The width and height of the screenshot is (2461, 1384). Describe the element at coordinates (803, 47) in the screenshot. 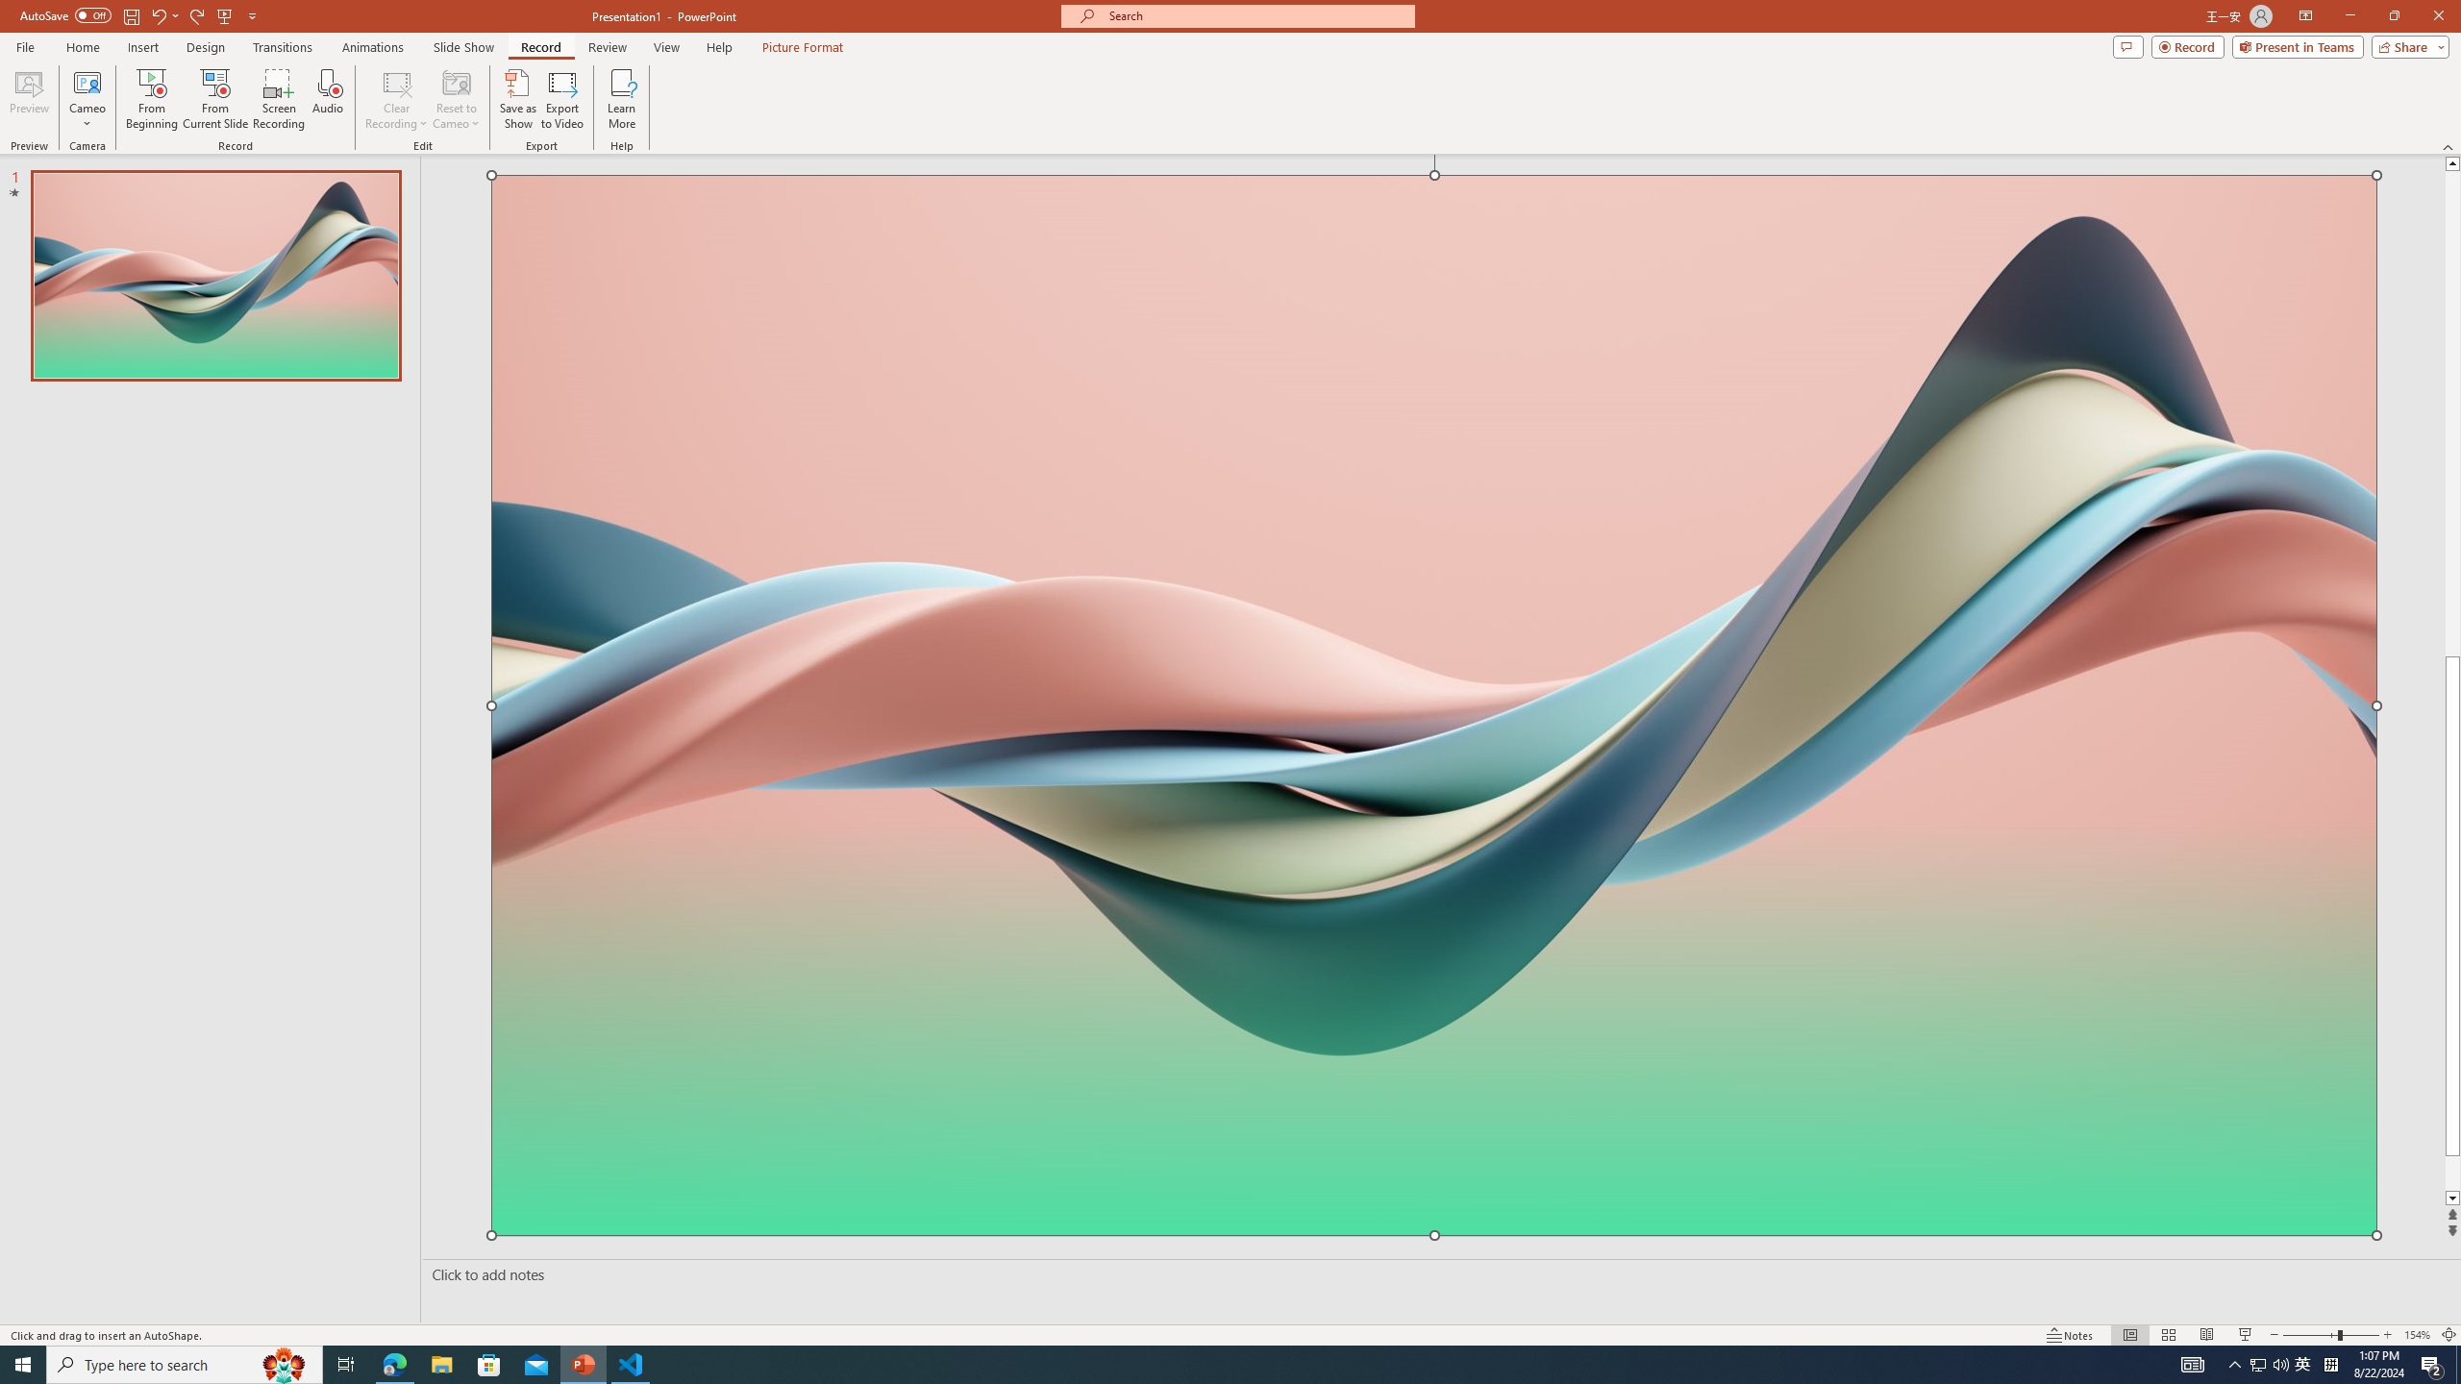

I see `'Picture Format'` at that location.